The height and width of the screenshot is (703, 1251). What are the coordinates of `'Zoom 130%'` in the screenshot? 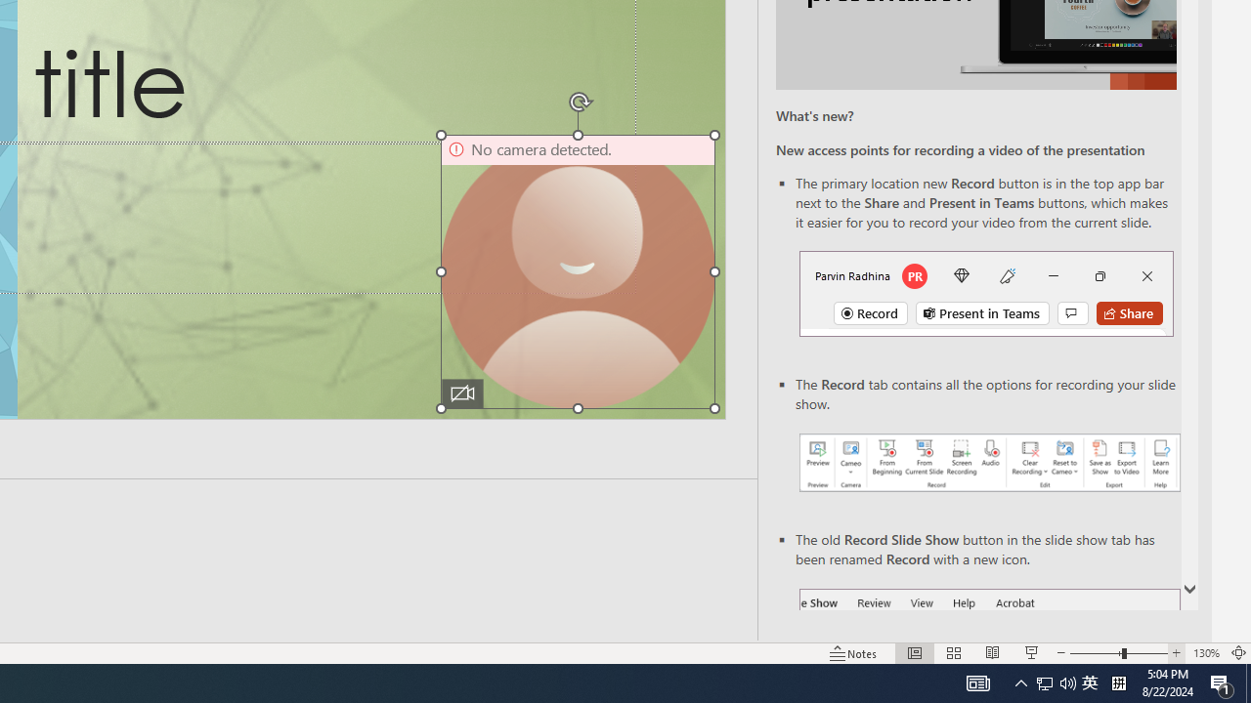 It's located at (1205, 653).